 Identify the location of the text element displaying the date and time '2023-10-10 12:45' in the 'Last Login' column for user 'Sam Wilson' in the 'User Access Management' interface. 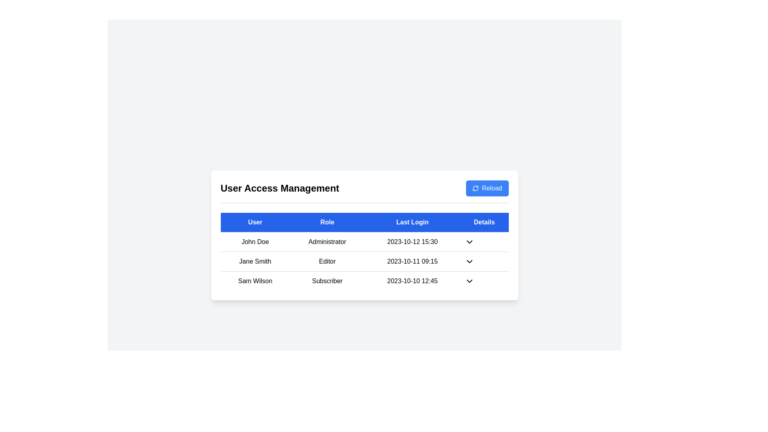
(412, 280).